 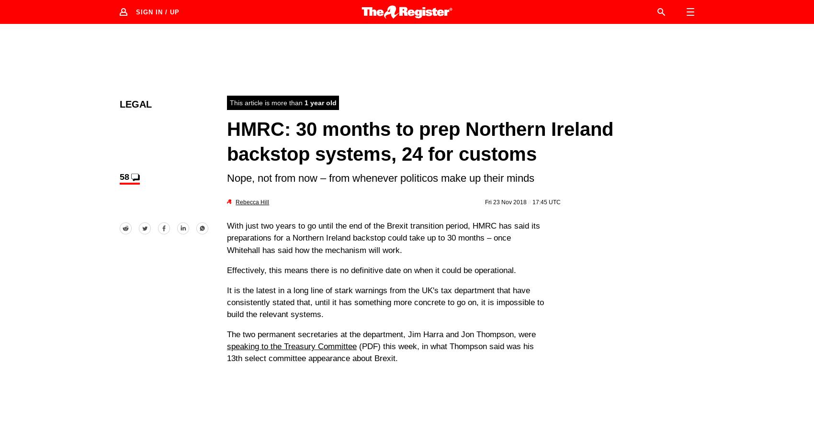 What do you see at coordinates (291, 346) in the screenshot?
I see `'speaking to the Treasury Committee'` at bounding box center [291, 346].